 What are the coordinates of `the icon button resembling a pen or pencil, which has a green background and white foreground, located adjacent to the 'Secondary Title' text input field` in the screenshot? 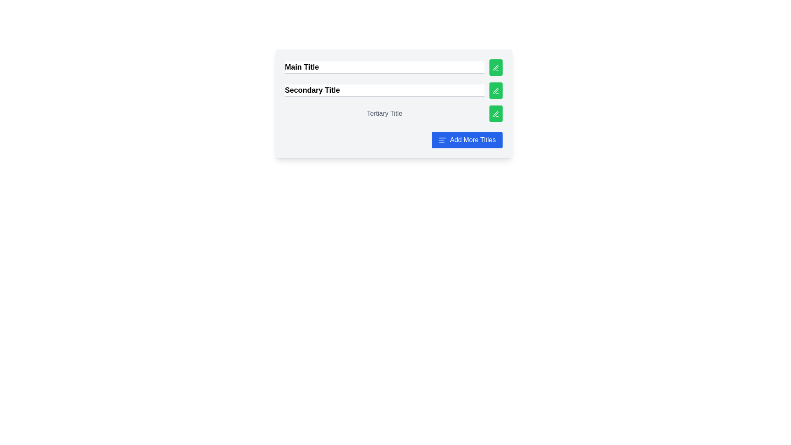 It's located at (495, 91).